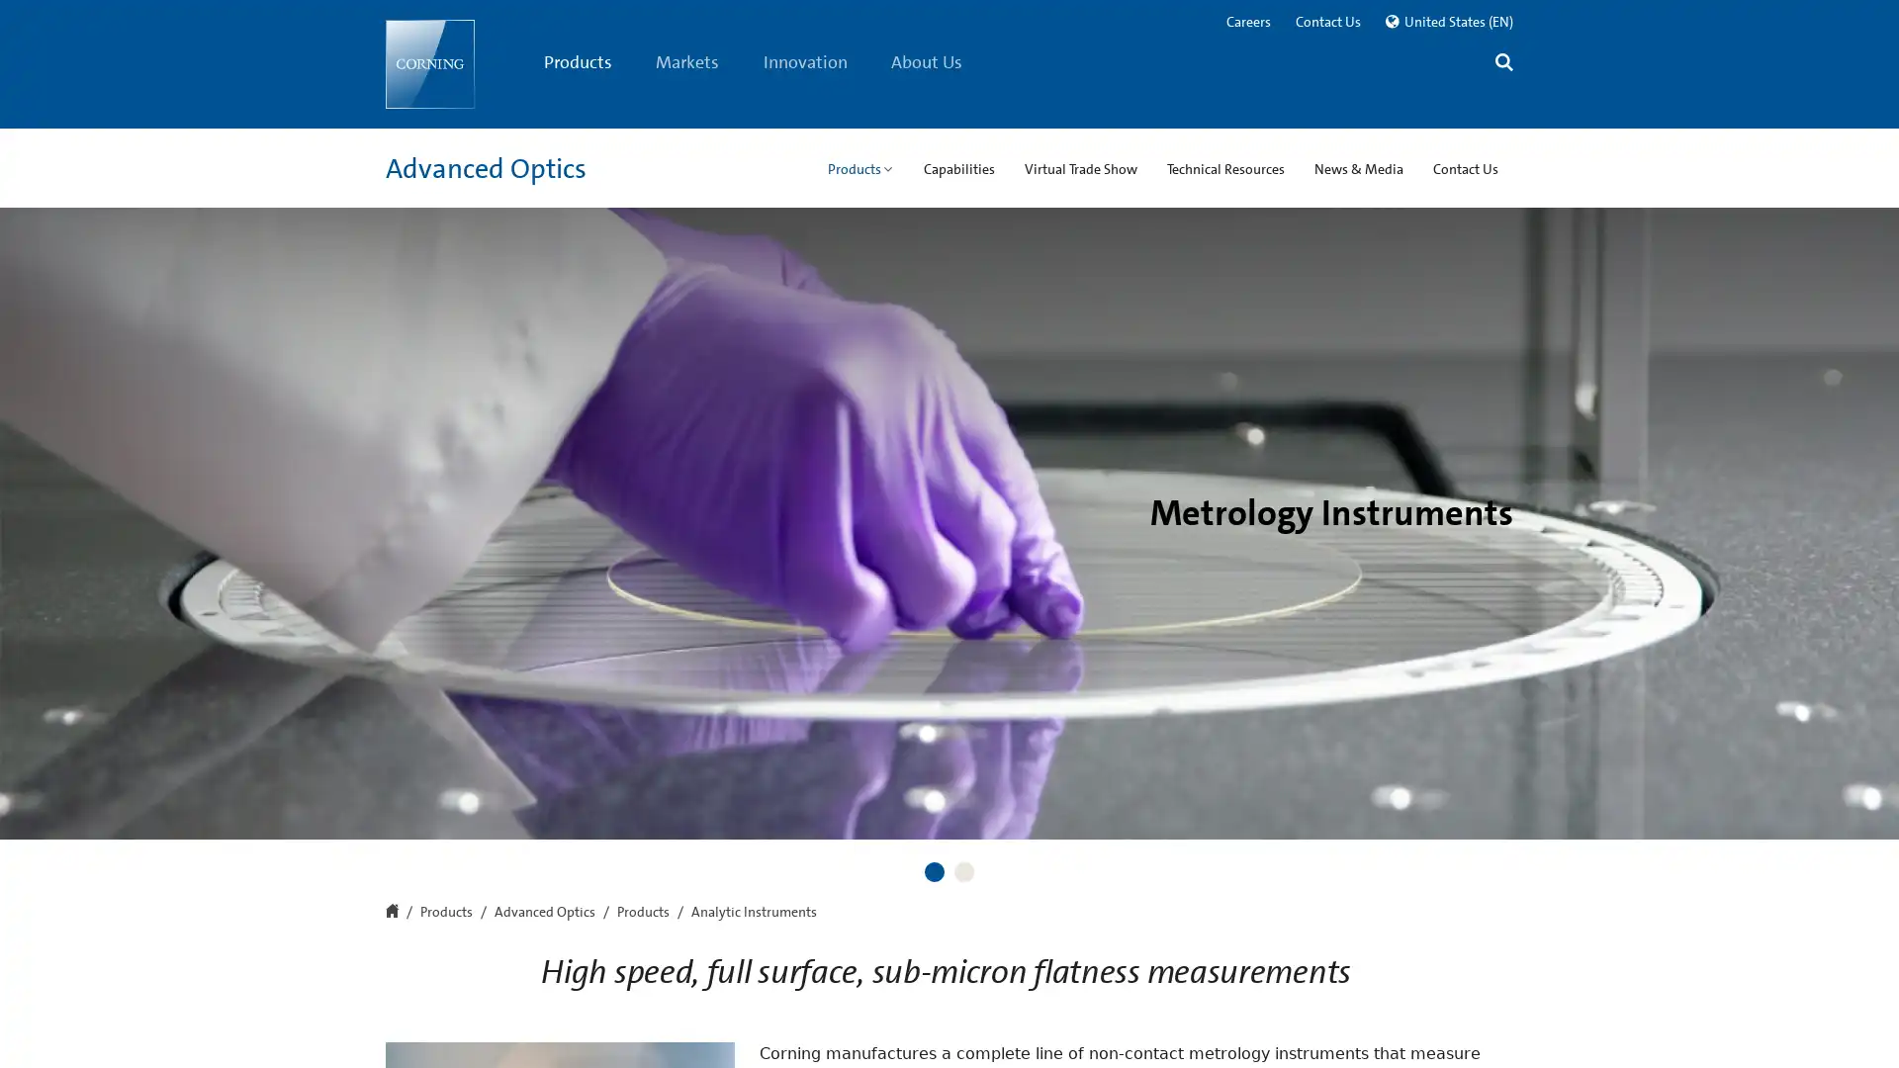 Image resolution: width=1899 pixels, height=1068 pixels. What do you see at coordinates (1604, 1023) in the screenshot?
I see `Accept Cookies` at bounding box center [1604, 1023].